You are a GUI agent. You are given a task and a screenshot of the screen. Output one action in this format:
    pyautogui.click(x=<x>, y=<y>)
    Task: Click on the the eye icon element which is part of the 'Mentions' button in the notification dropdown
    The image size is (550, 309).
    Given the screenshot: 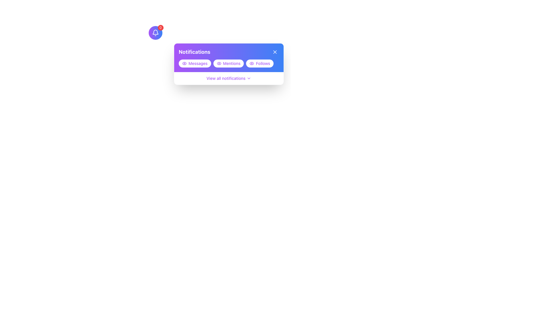 What is the action you would take?
    pyautogui.click(x=219, y=64)
    